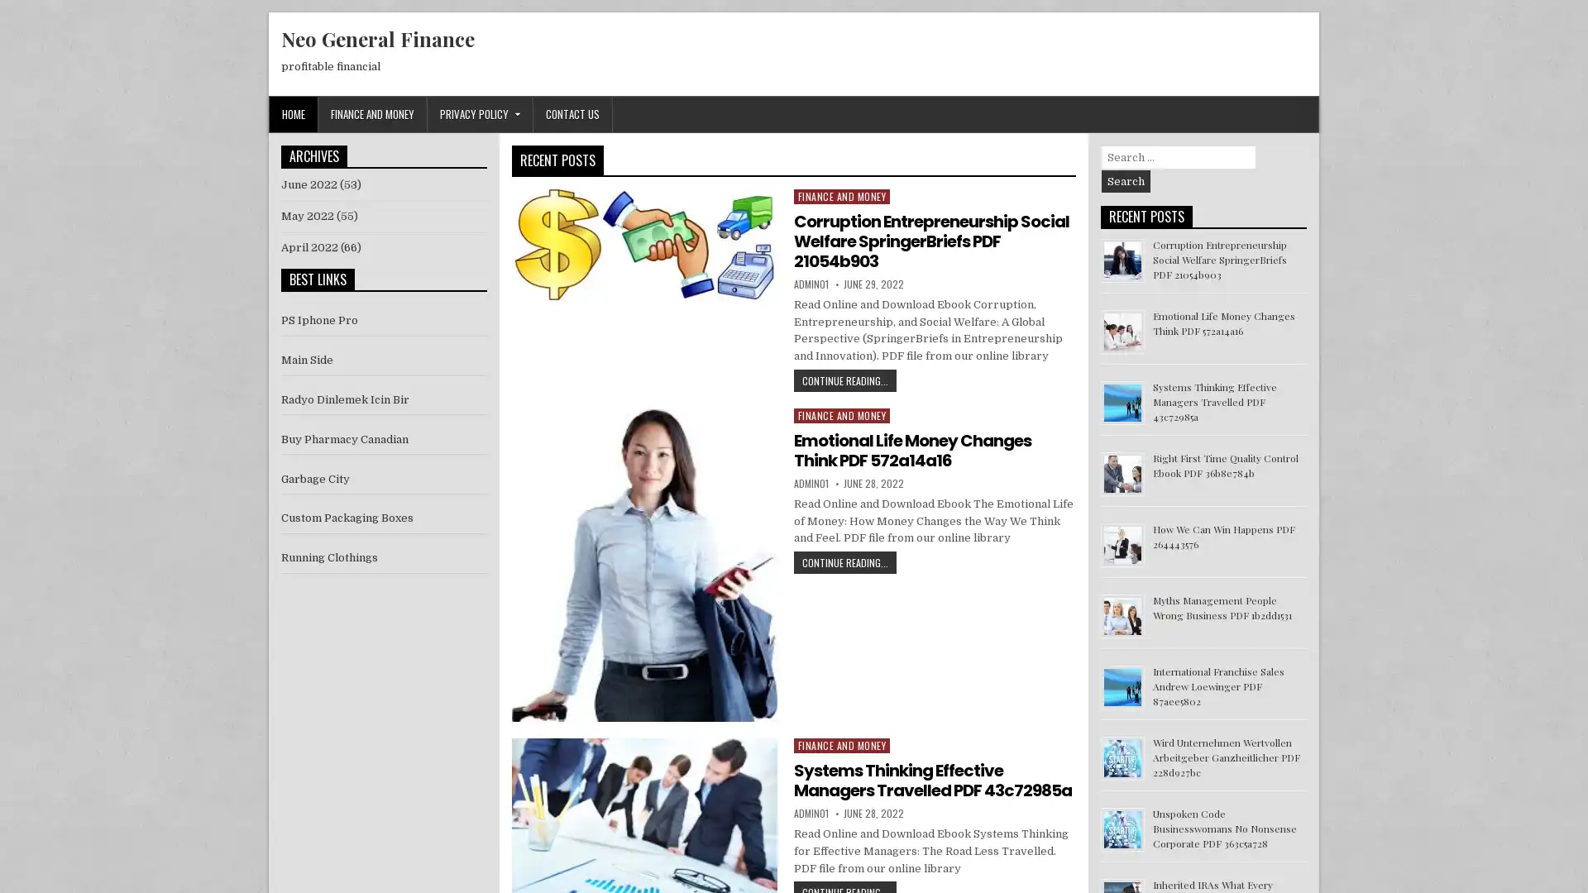 Image resolution: width=1588 pixels, height=893 pixels. I want to click on Search, so click(1125, 181).